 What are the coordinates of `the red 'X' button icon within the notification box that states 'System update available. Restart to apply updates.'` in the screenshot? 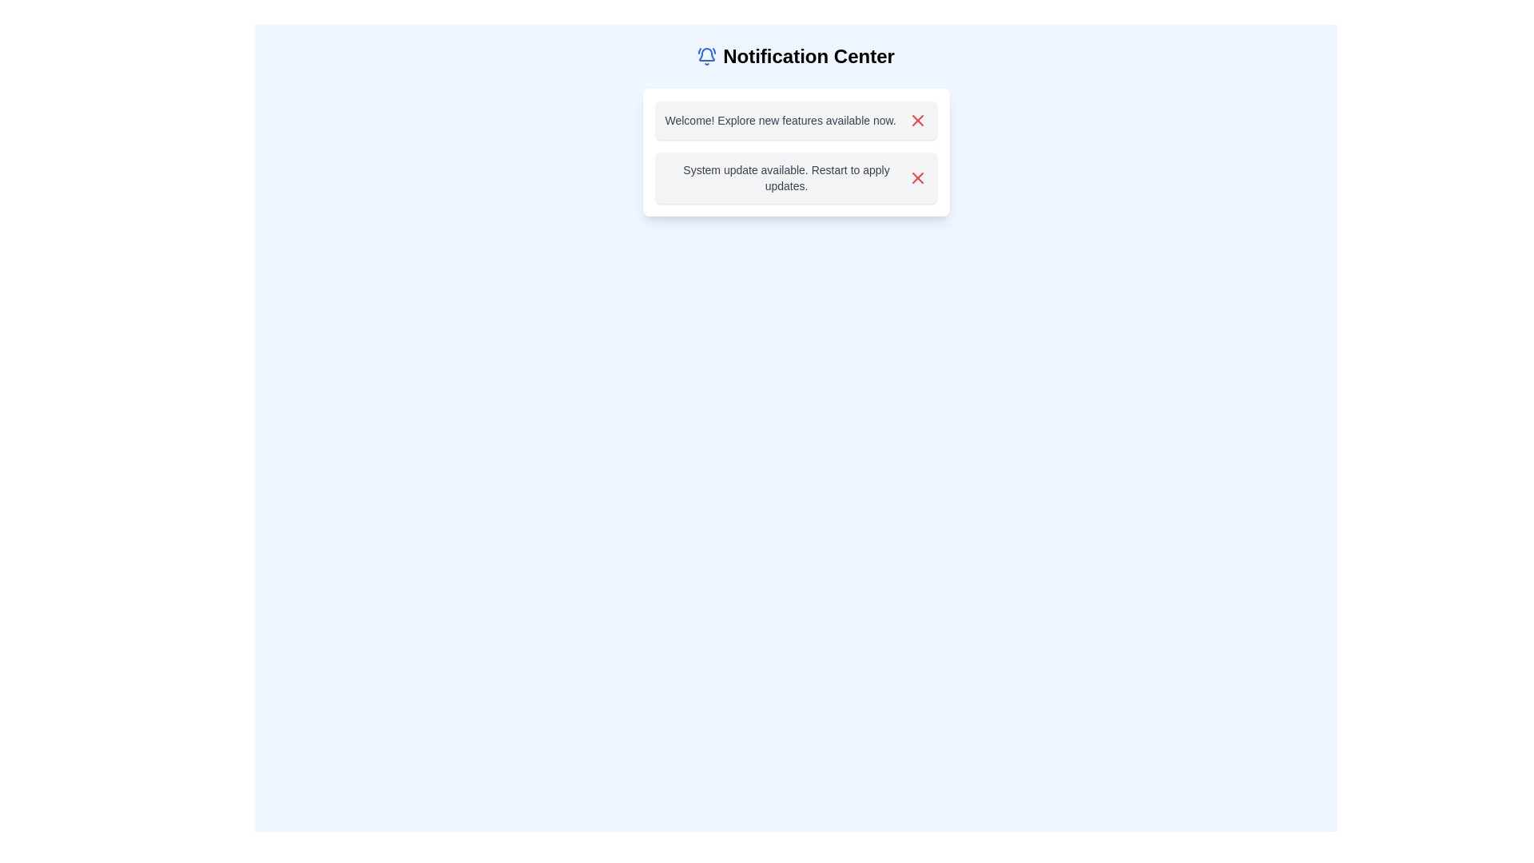 It's located at (917, 178).